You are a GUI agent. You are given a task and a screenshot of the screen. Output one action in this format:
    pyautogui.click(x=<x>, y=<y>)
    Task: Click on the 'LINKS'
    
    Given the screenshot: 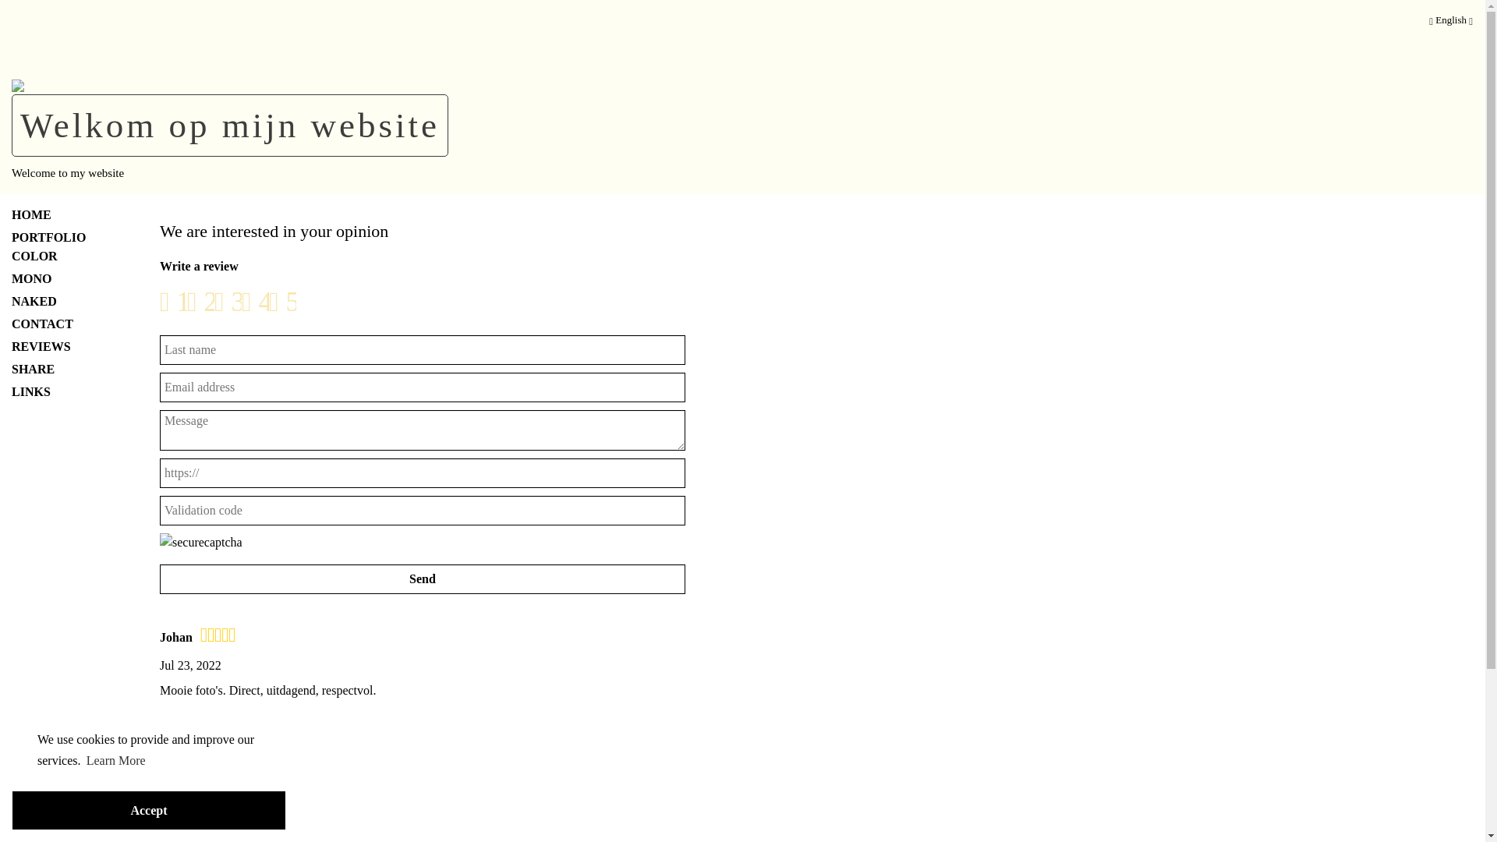 What is the action you would take?
    pyautogui.click(x=62, y=390)
    